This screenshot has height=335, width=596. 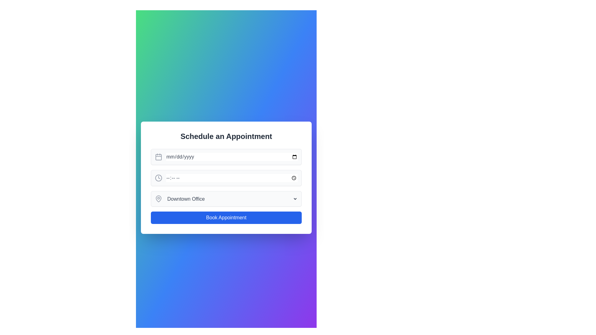 I want to click on the date input icon located to the left of the date input field, so click(x=158, y=156).